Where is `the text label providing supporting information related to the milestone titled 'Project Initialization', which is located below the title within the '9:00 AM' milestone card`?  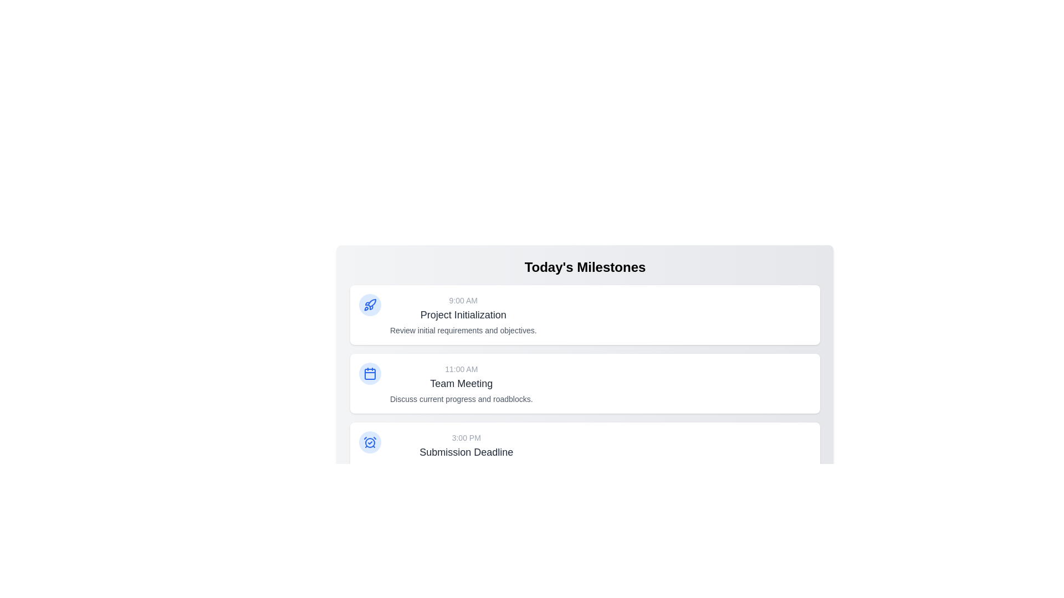 the text label providing supporting information related to the milestone titled 'Project Initialization', which is located below the title within the '9:00 AM' milestone card is located at coordinates (463, 330).